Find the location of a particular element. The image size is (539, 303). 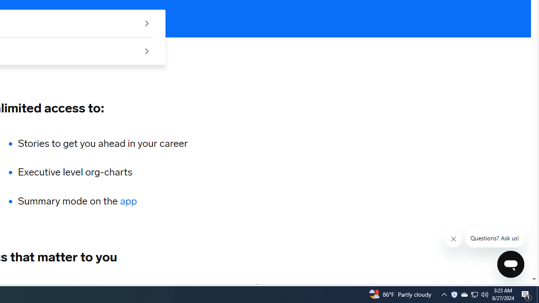

'HEALTHCARE' is located at coordinates (55, 286).